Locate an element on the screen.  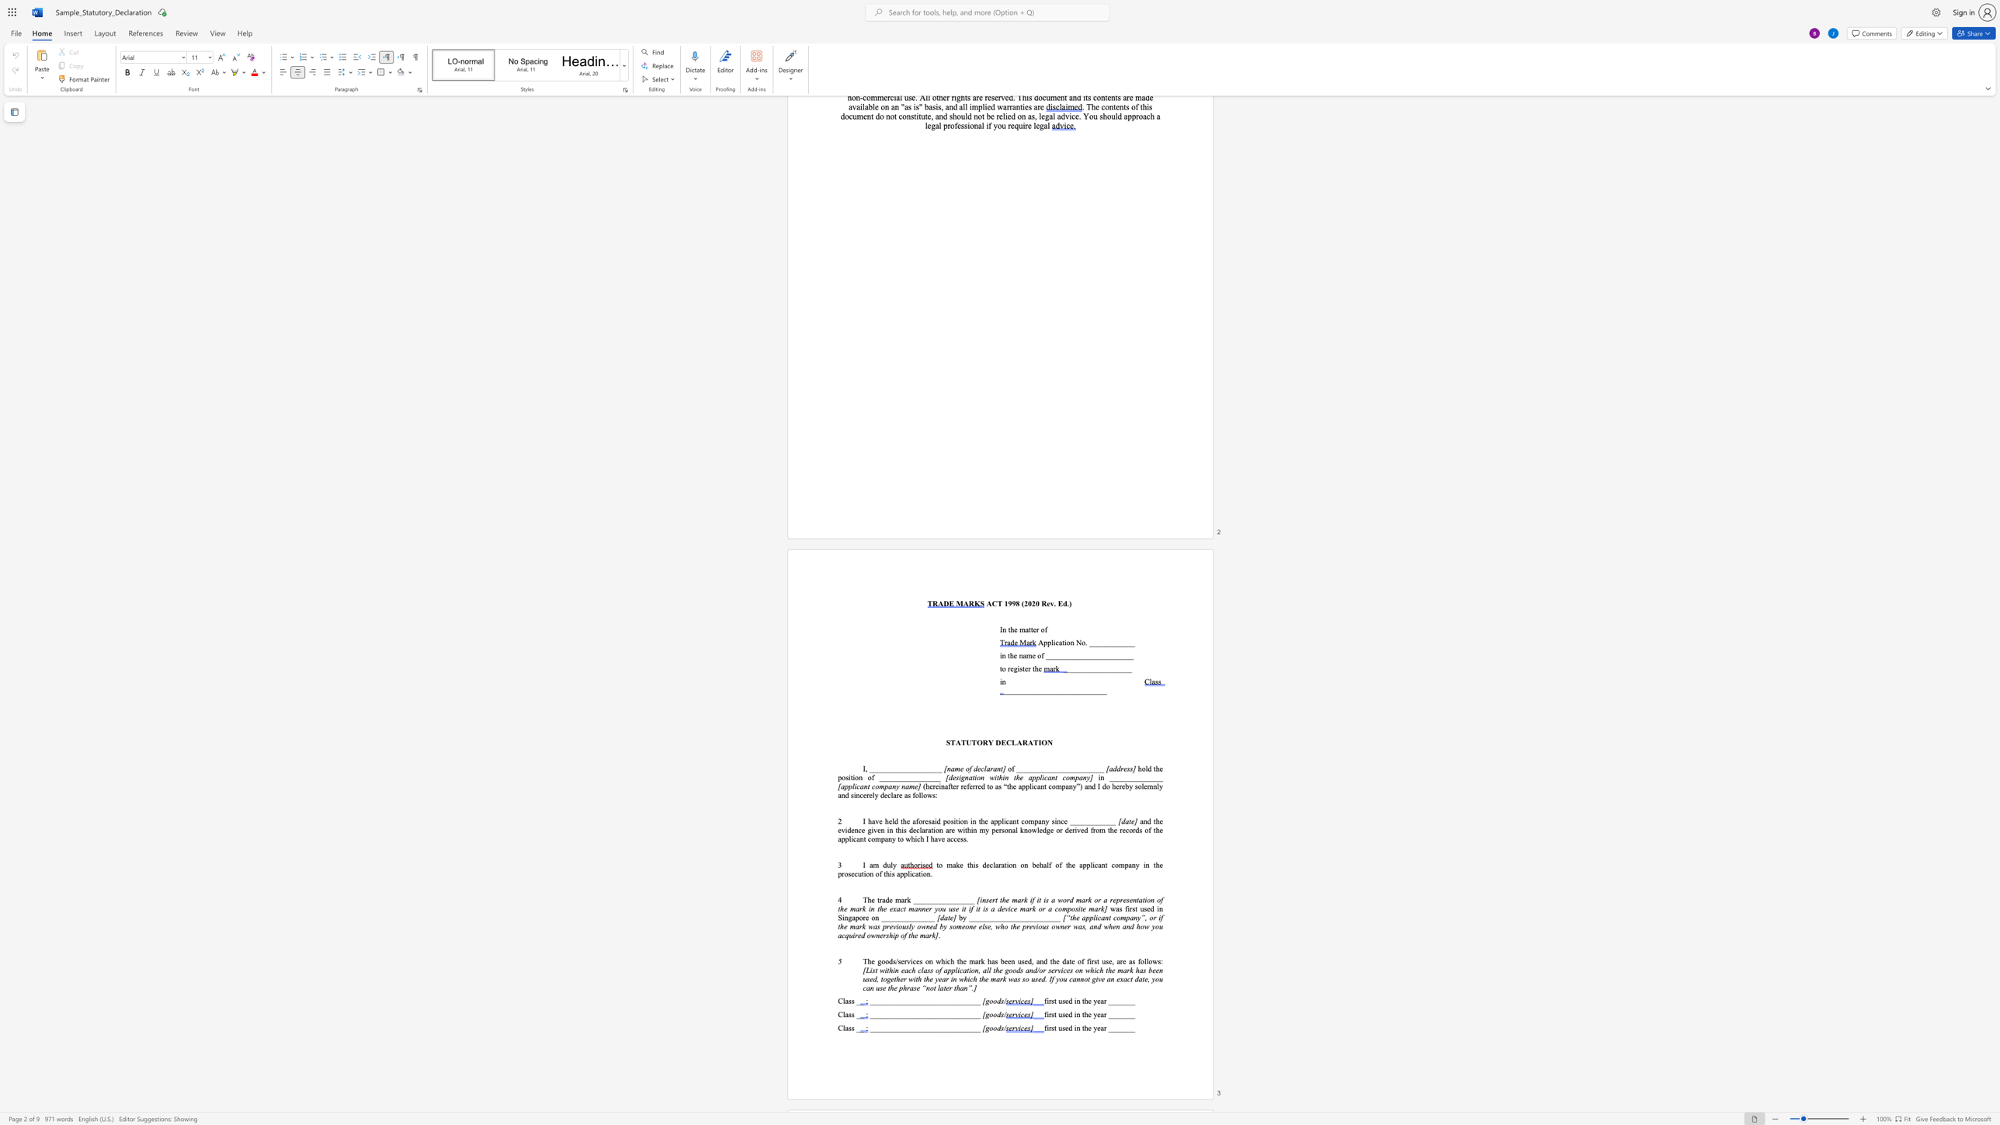
the subset text "tter of" within the text "In the matter of" is located at coordinates (1028, 629).